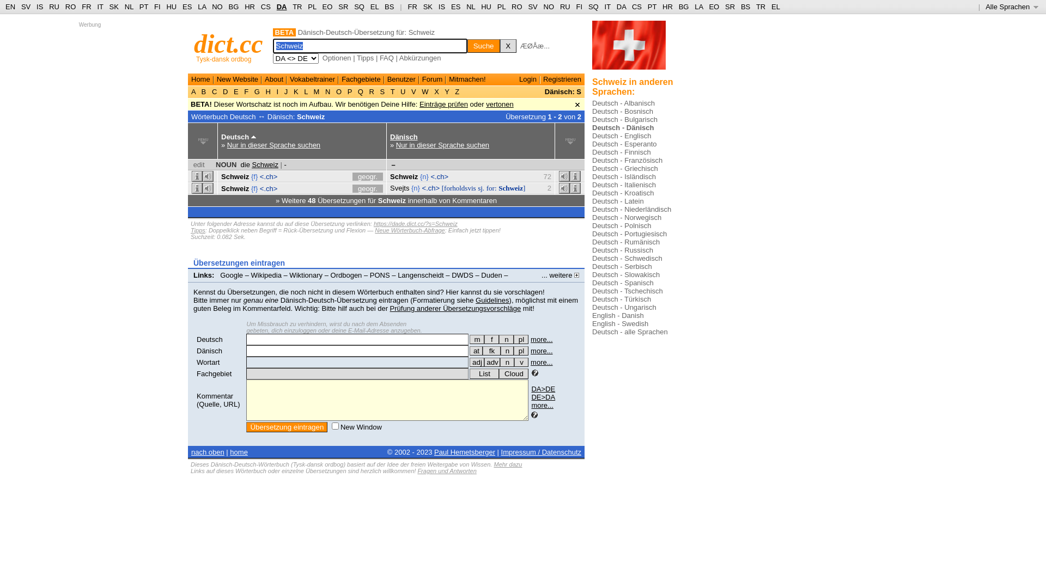 The image size is (1046, 588). I want to click on 'Schweiz]', so click(511, 187).